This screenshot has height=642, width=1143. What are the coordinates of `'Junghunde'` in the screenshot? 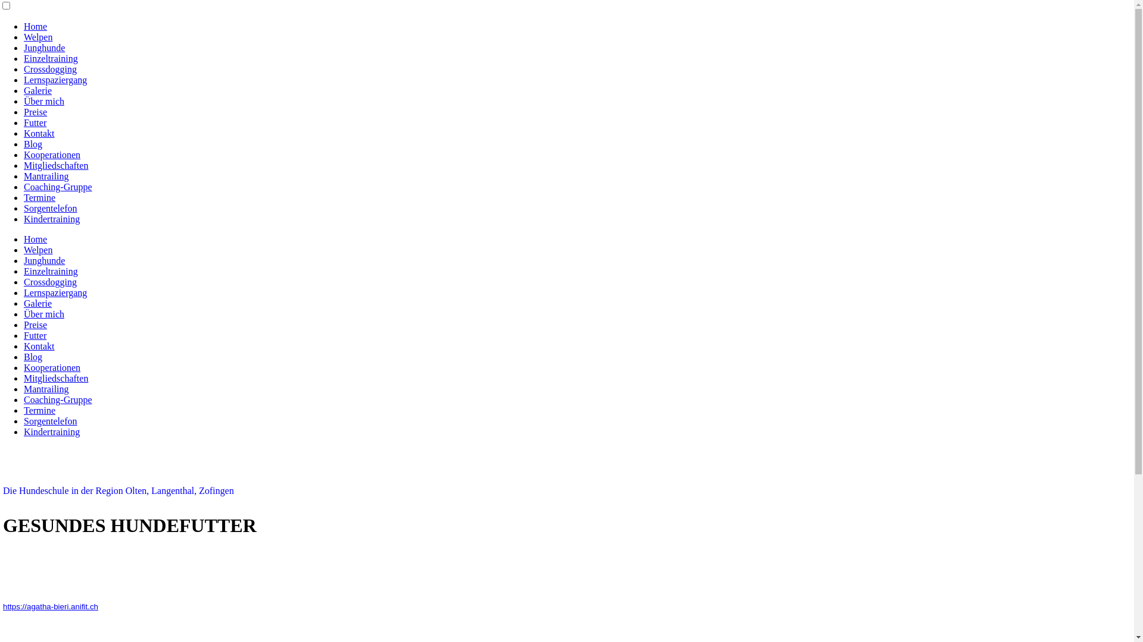 It's located at (44, 260).